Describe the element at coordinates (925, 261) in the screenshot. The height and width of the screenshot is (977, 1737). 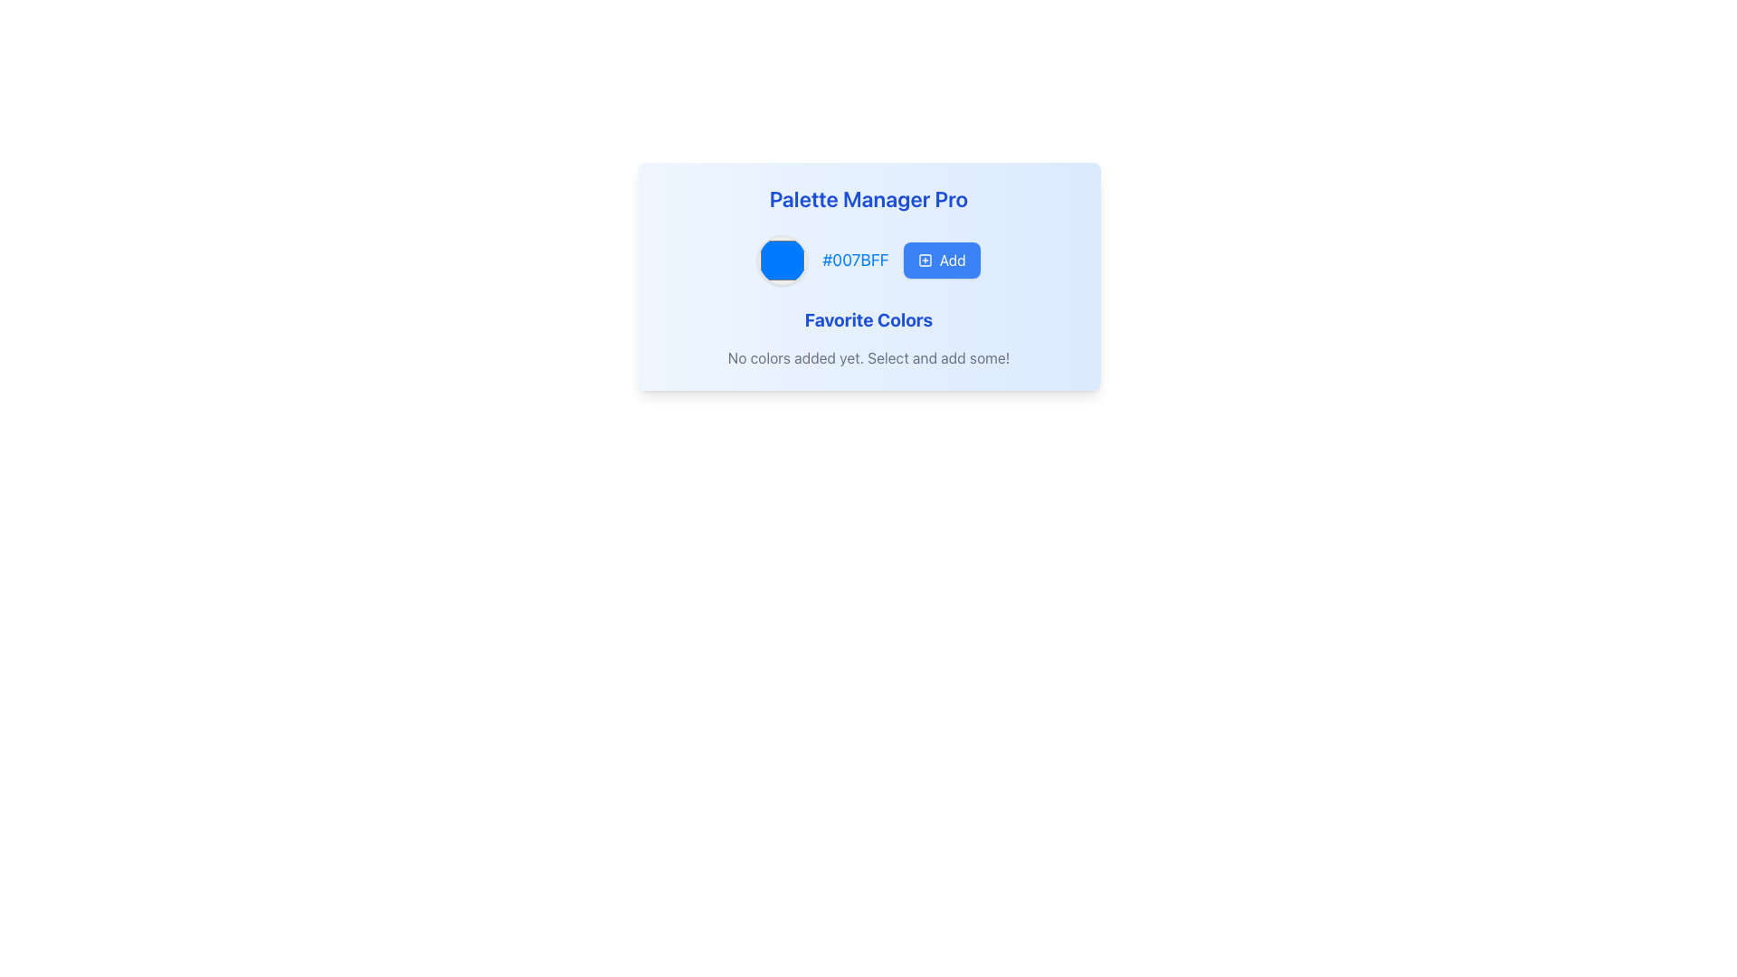
I see `the SVG rectangle that is part of the button functionality, located to the right of a blue octagonal shape and adjacent to a tag displaying a color code` at that location.